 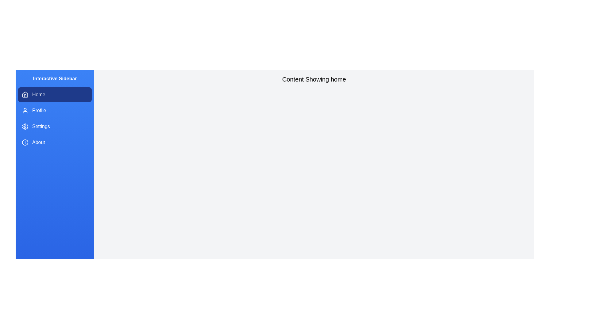 What do you see at coordinates (55, 126) in the screenshot?
I see `the sidebar item labeled Settings to navigate to the corresponding section` at bounding box center [55, 126].